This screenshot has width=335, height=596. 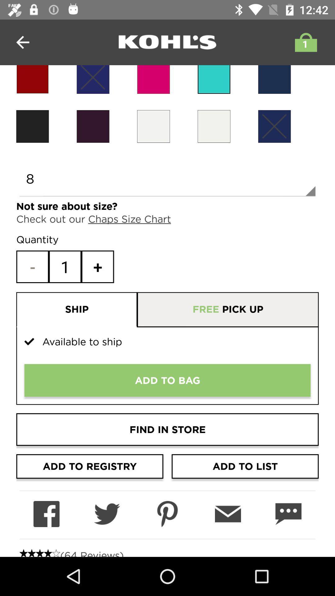 What do you see at coordinates (46, 514) in the screenshot?
I see `share on facebook` at bounding box center [46, 514].